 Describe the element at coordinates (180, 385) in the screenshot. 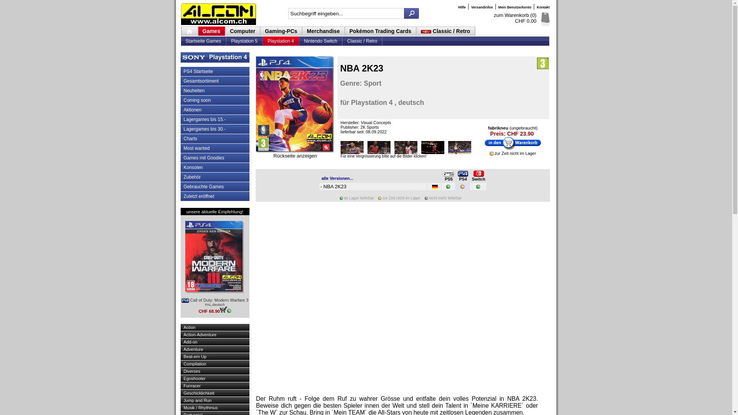

I see `'Funracer'` at that location.